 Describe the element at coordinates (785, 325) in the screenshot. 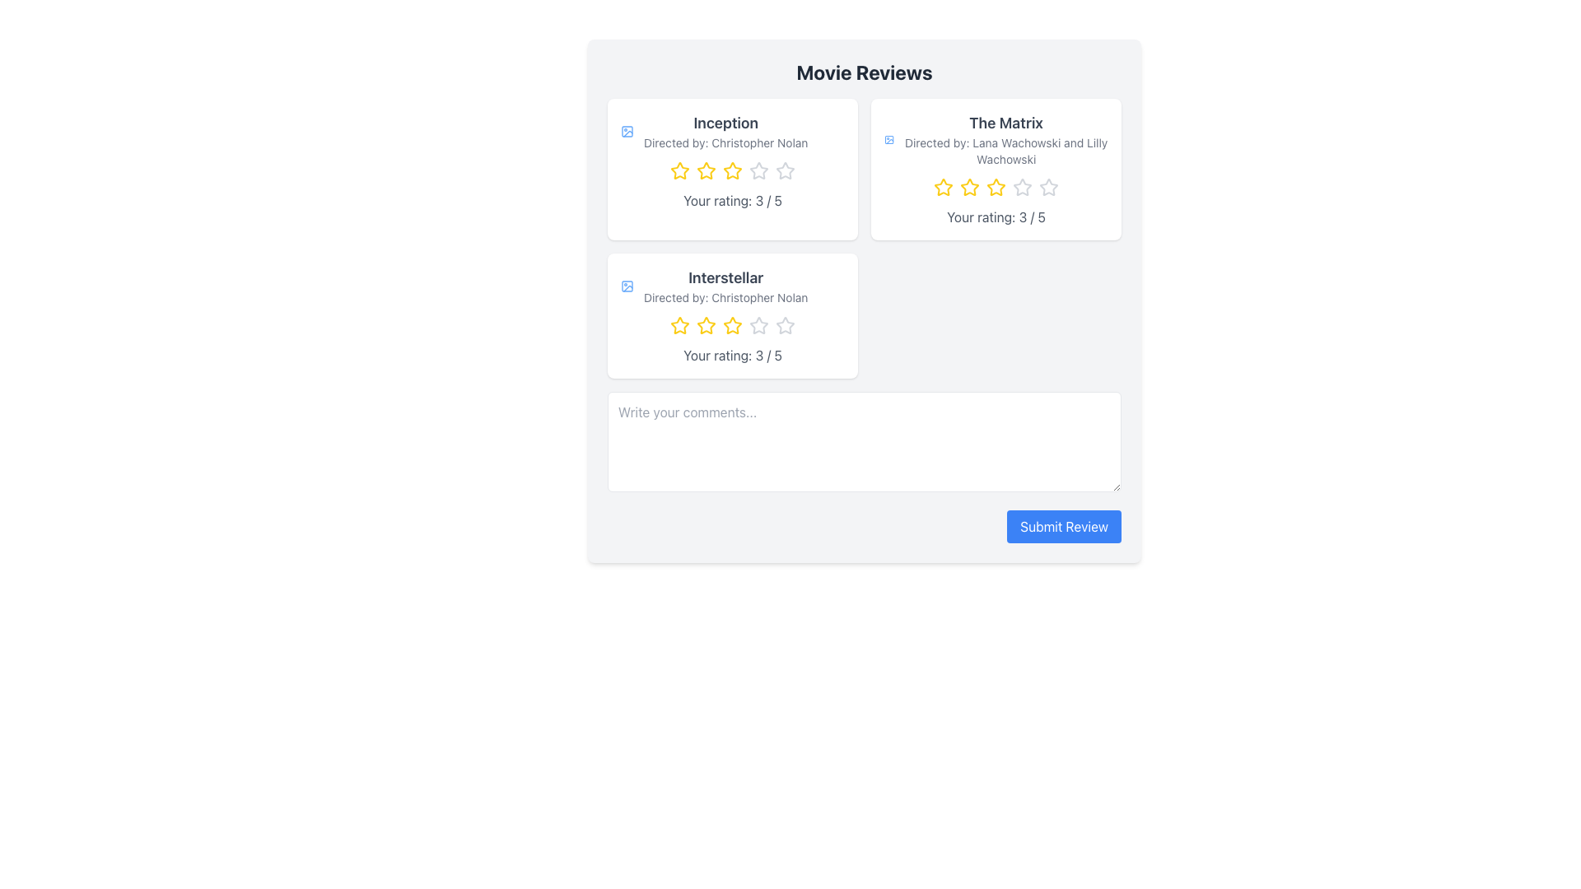

I see `the fourth star in the rating system under the 'Interstellar' movie review card to adjust the rating` at that location.